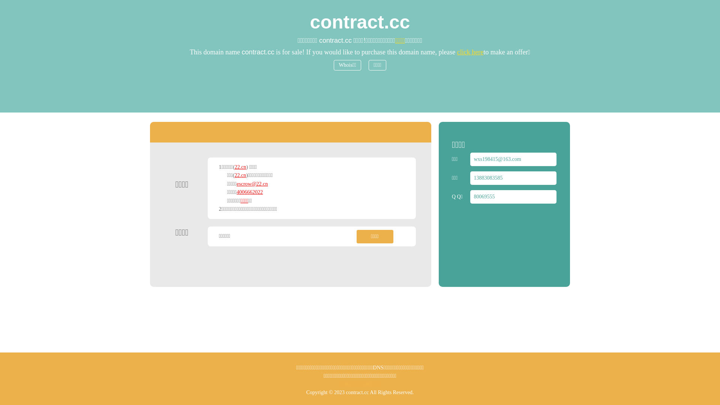 Image resolution: width=720 pixels, height=405 pixels. What do you see at coordinates (240, 175) in the screenshot?
I see `'22.cn'` at bounding box center [240, 175].